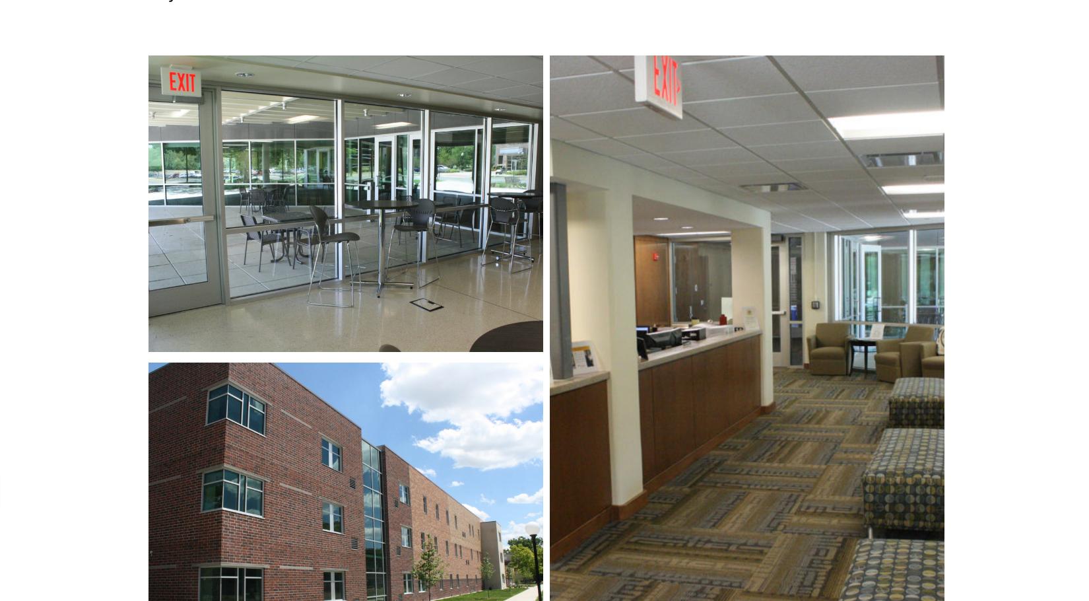  Describe the element at coordinates (348, 430) in the screenshot. I see `'Design'` at that location.